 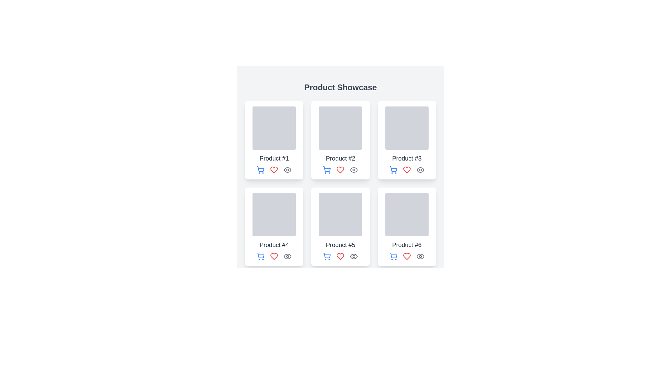 What do you see at coordinates (340, 169) in the screenshot?
I see `the favorite icon button located below the Product #2 card in the second column of the Product Showcase grid` at bounding box center [340, 169].